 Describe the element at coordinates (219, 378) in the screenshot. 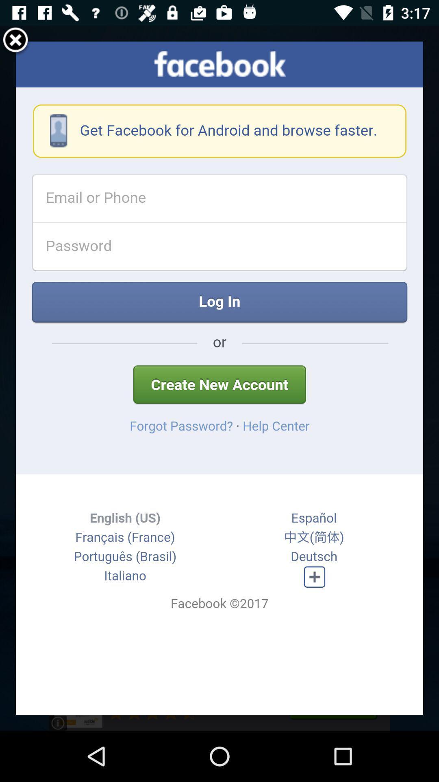

I see `login screen` at that location.